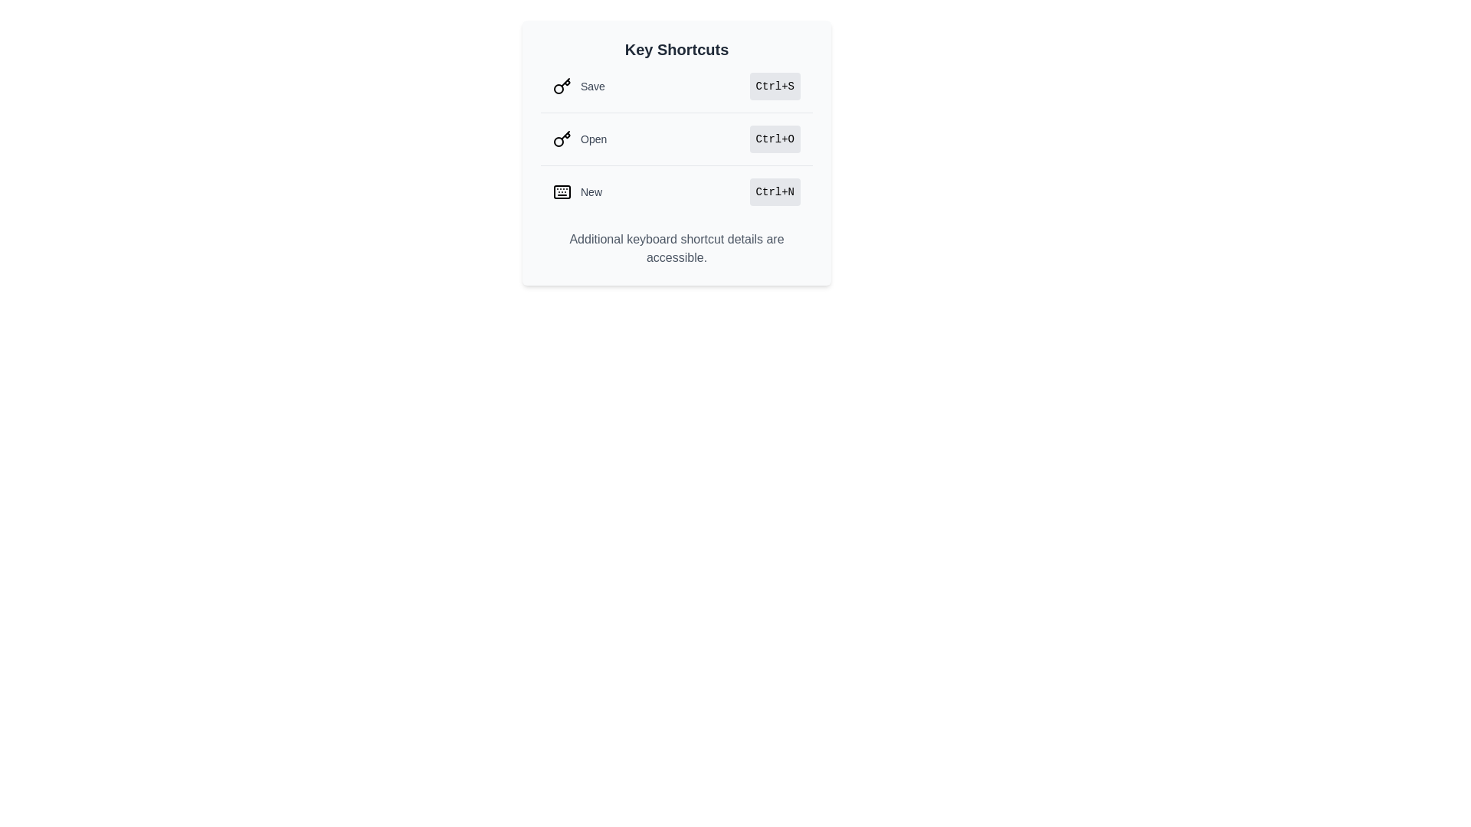  I want to click on the text label that reads 'Additional keyboard shortcut details are accessible.' This label is located at the bottom of the 'Key Shortcuts' modal, following a list of keyboard shortcuts, so click(676, 247).